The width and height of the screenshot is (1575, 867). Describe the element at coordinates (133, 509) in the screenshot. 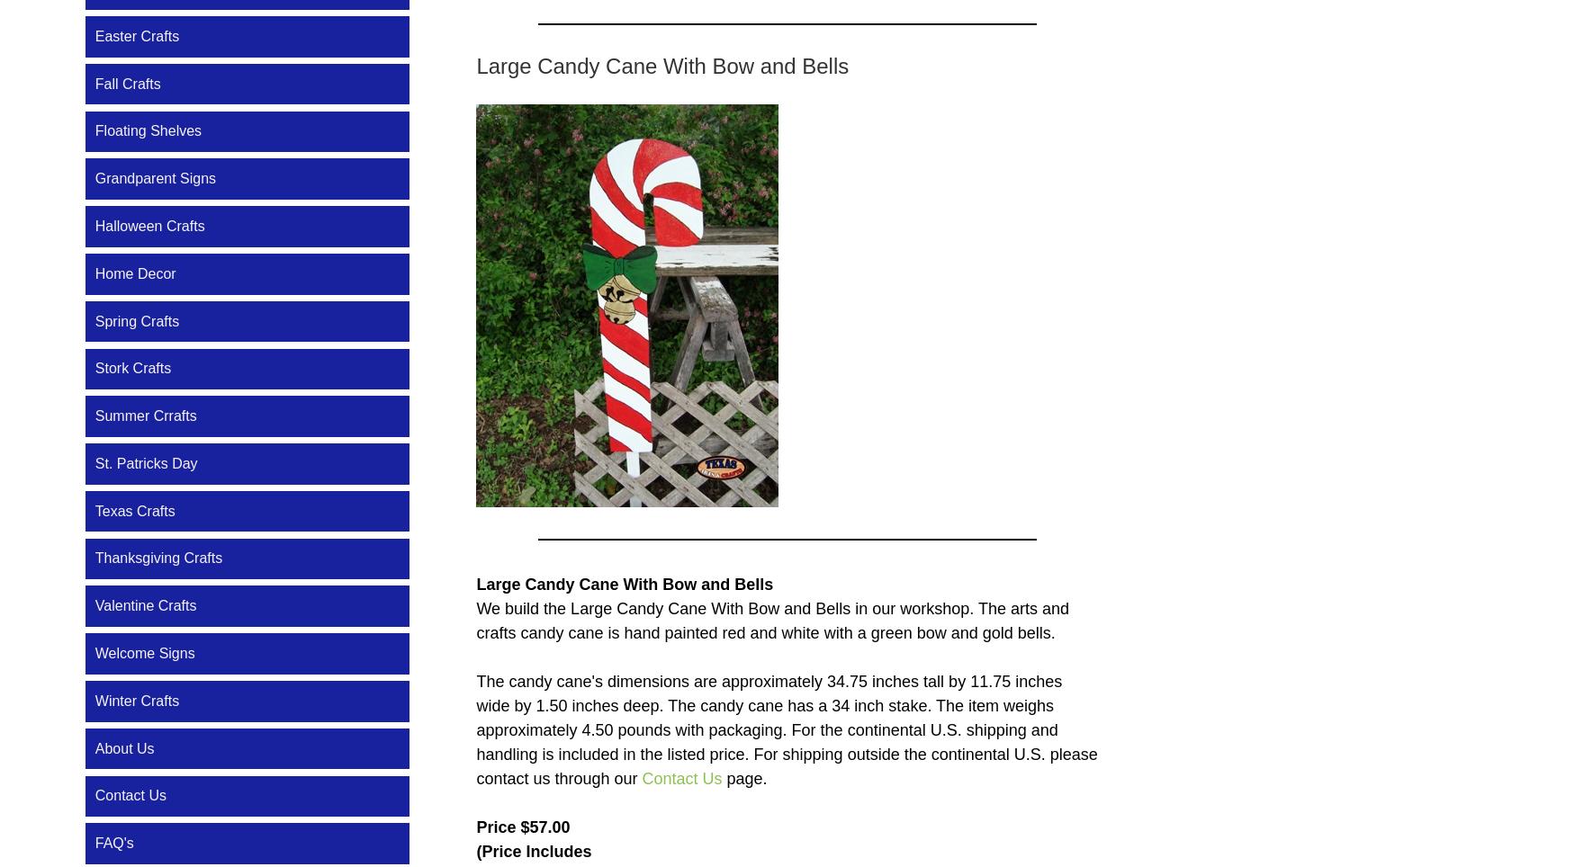

I see `'Texas Crafts'` at that location.